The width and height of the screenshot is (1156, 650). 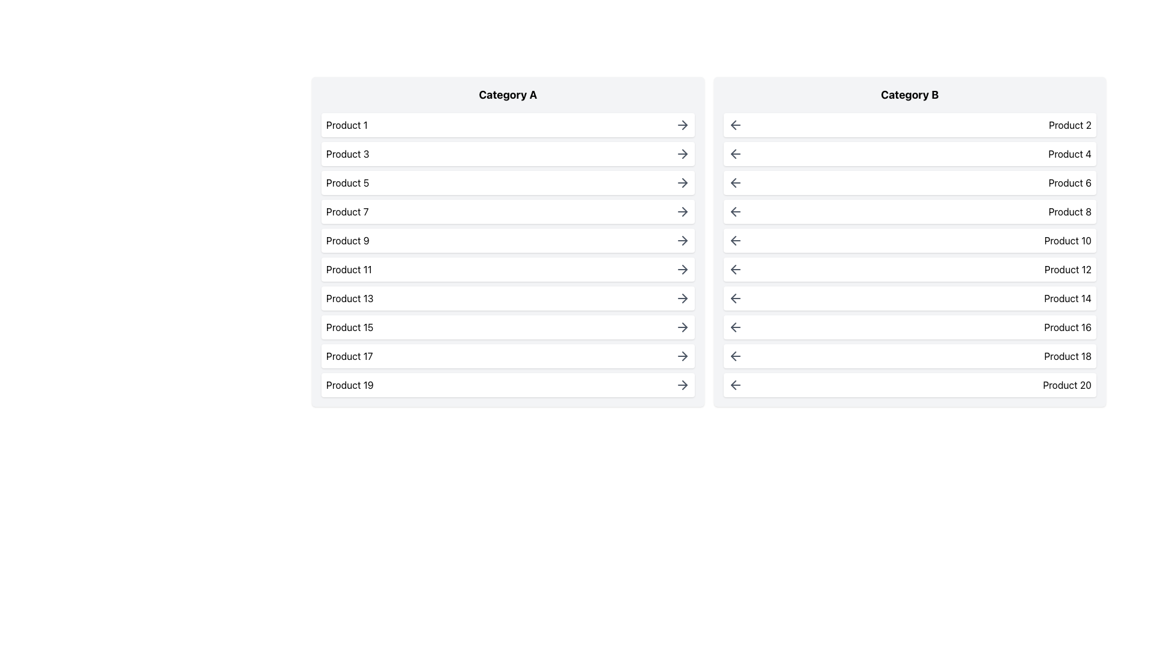 What do you see at coordinates (508, 183) in the screenshot?
I see `the Interactive List Item labeled 'Product 5' for keyboard interaction` at bounding box center [508, 183].